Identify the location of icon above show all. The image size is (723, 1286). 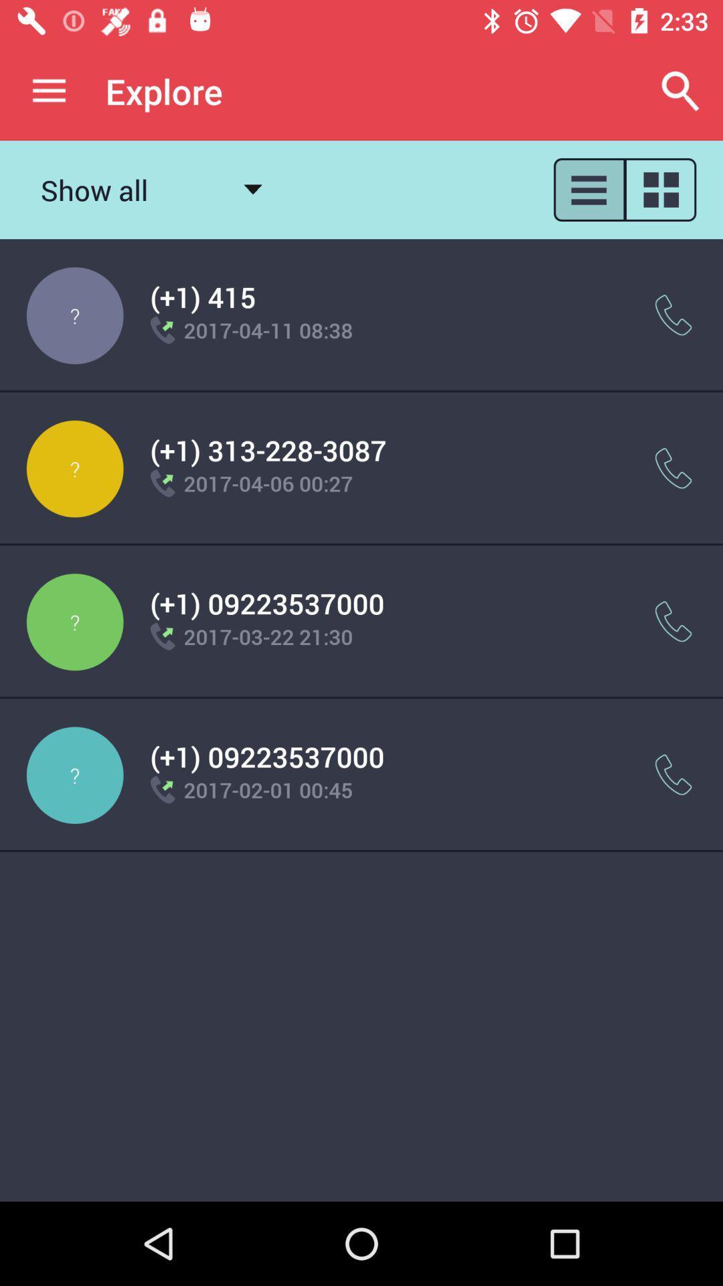
(48, 90).